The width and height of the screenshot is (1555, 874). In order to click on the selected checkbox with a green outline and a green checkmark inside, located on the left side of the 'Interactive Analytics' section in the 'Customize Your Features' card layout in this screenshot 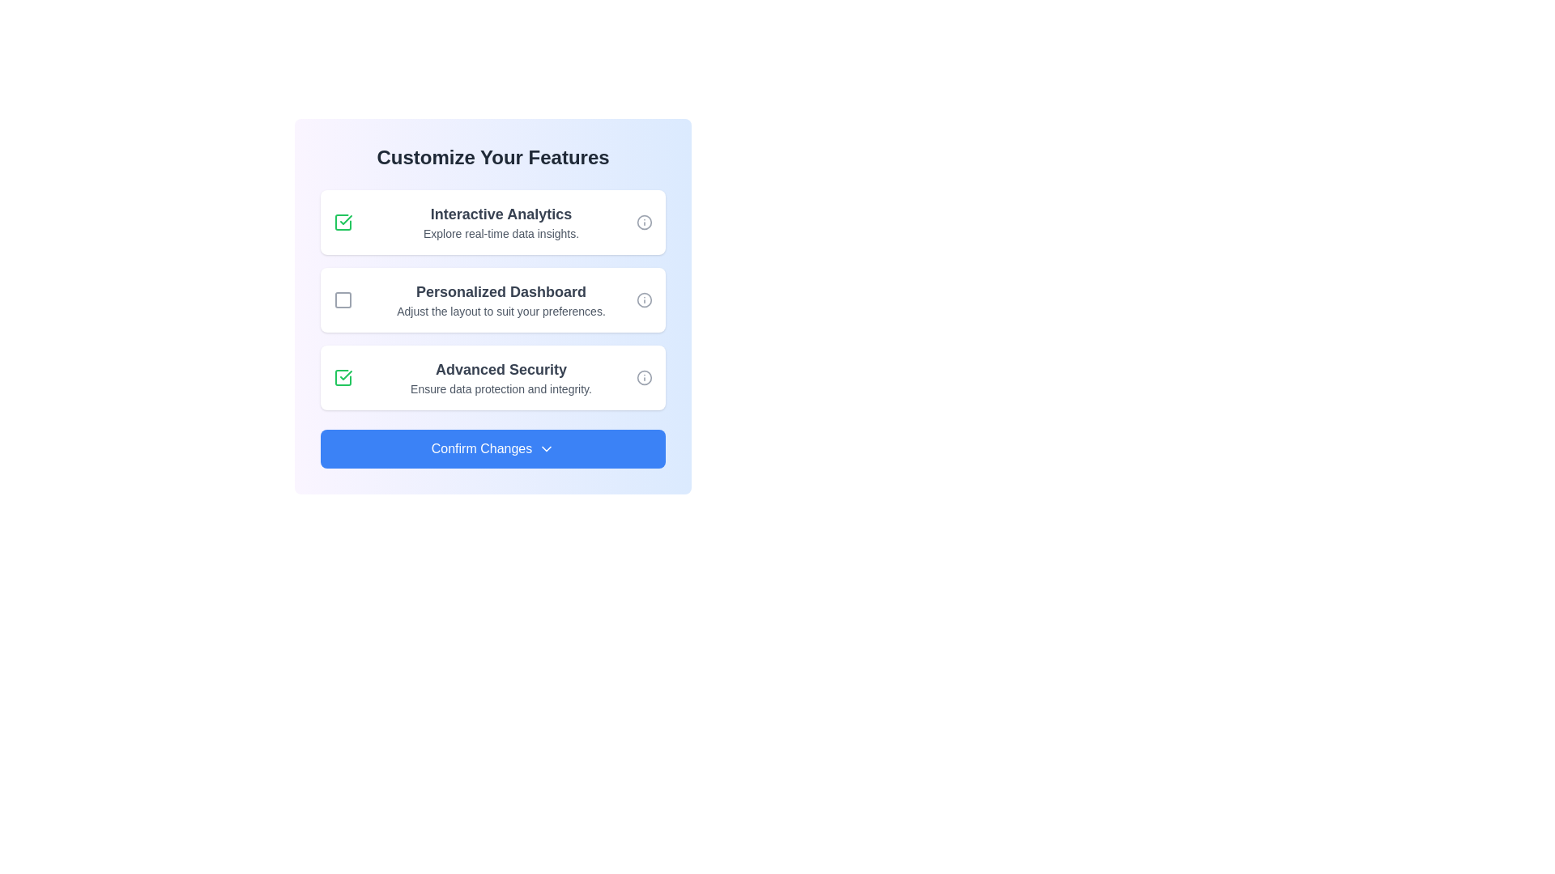, I will do `click(342, 222)`.